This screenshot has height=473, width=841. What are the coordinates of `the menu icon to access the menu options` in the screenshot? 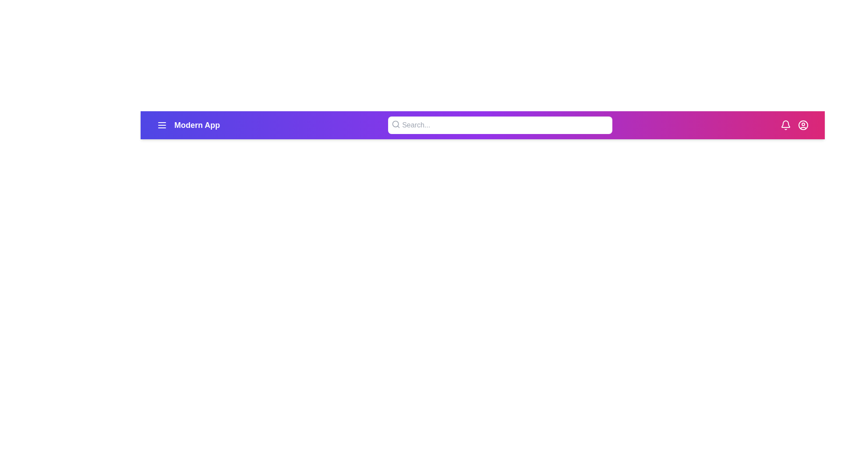 It's located at (162, 125).